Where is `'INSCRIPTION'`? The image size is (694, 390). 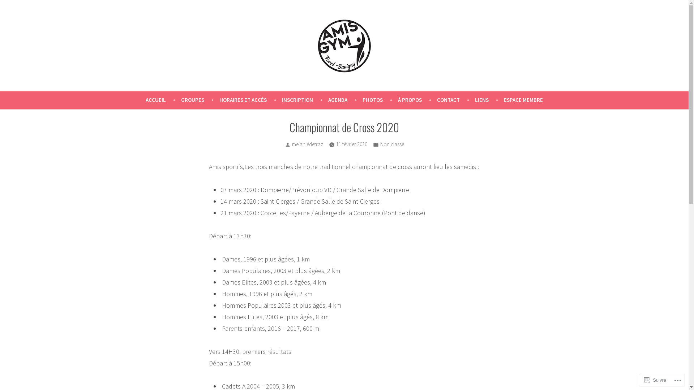 'INSCRIPTION' is located at coordinates (305, 100).